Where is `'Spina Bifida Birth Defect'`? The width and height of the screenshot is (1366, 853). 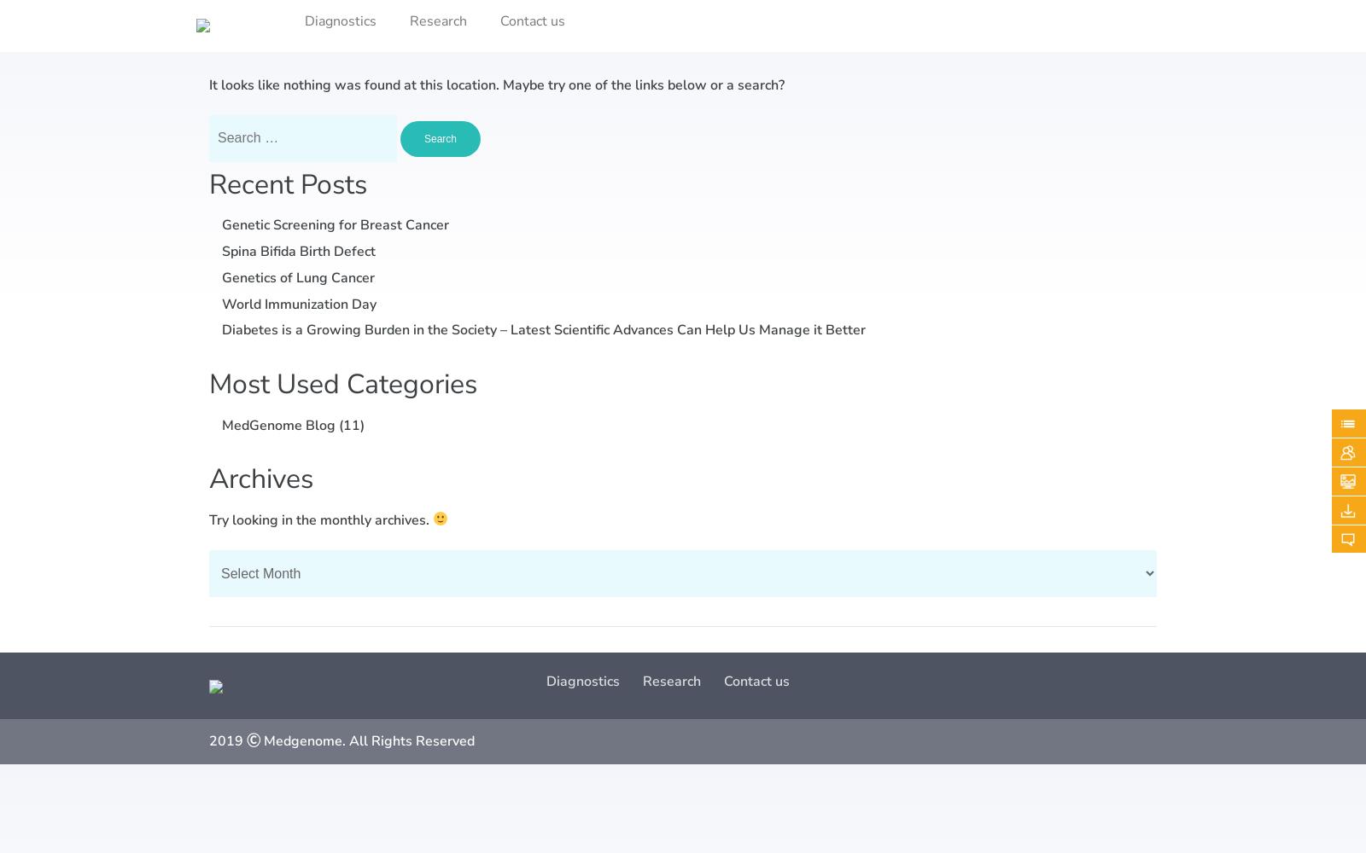
'Spina Bifida Birth Defect' is located at coordinates (299, 251).